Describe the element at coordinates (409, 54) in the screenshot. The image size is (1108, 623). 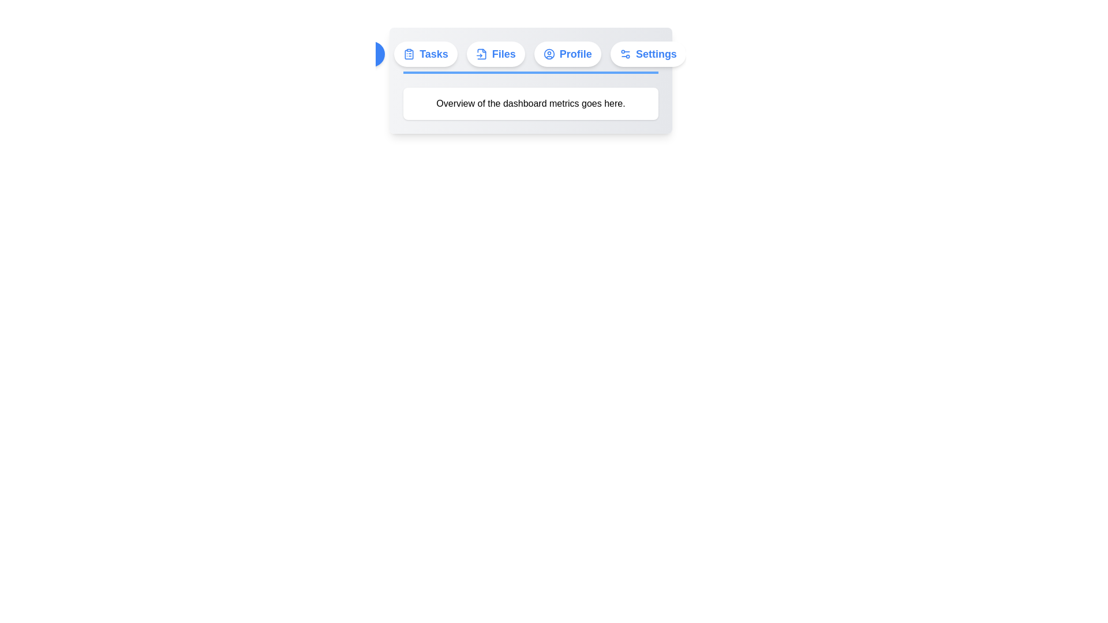
I see `the clipboard icon with a blue color fill located to the left of the 'Tasks' button in the horizontal navigation bar` at that location.